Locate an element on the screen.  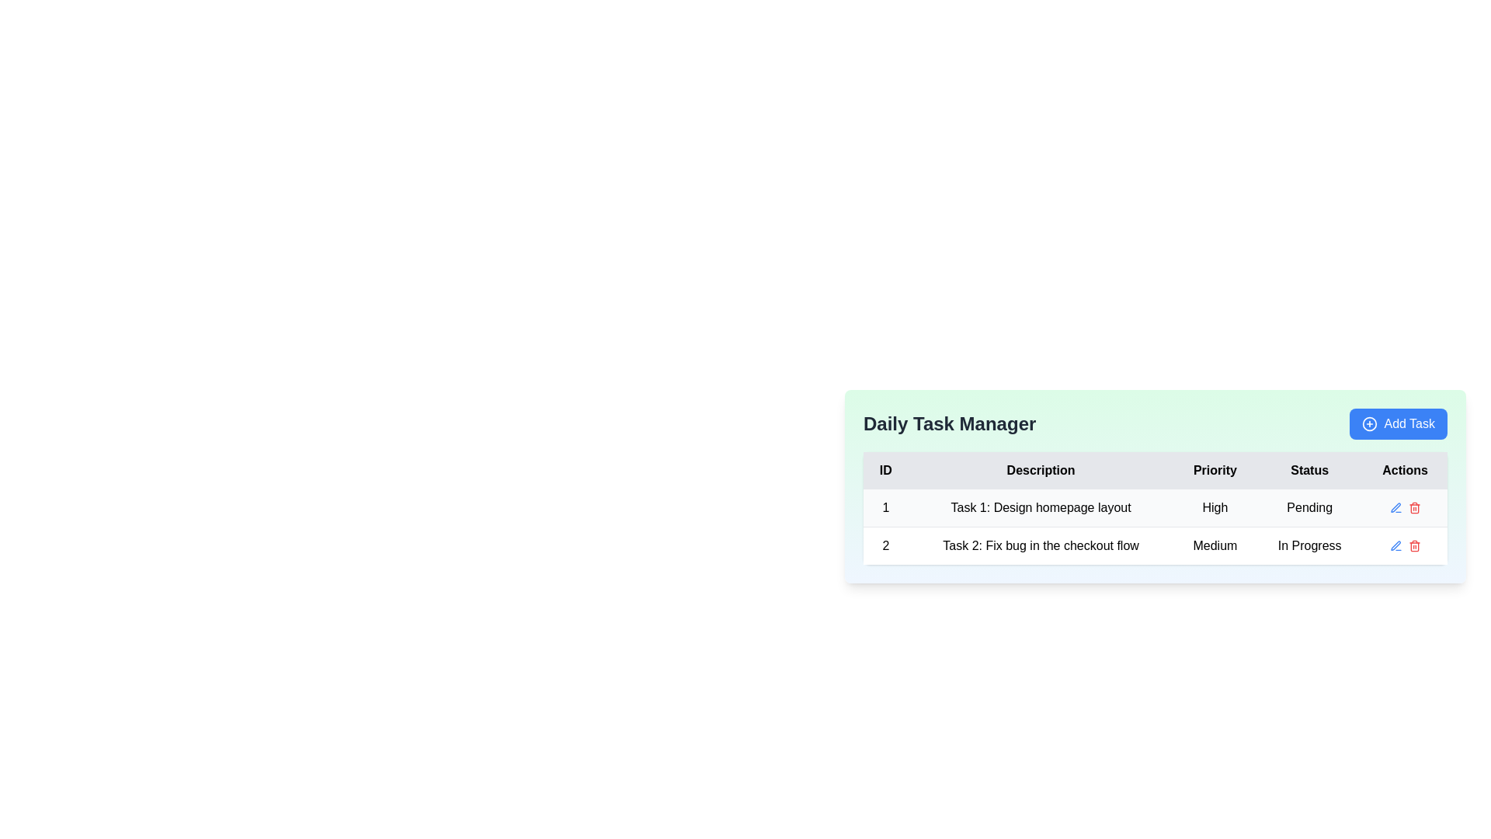
the fourth column header in the table that indicates the status of tasks, located between the 'Priority' and 'Actions' columns is located at coordinates (1309, 469).